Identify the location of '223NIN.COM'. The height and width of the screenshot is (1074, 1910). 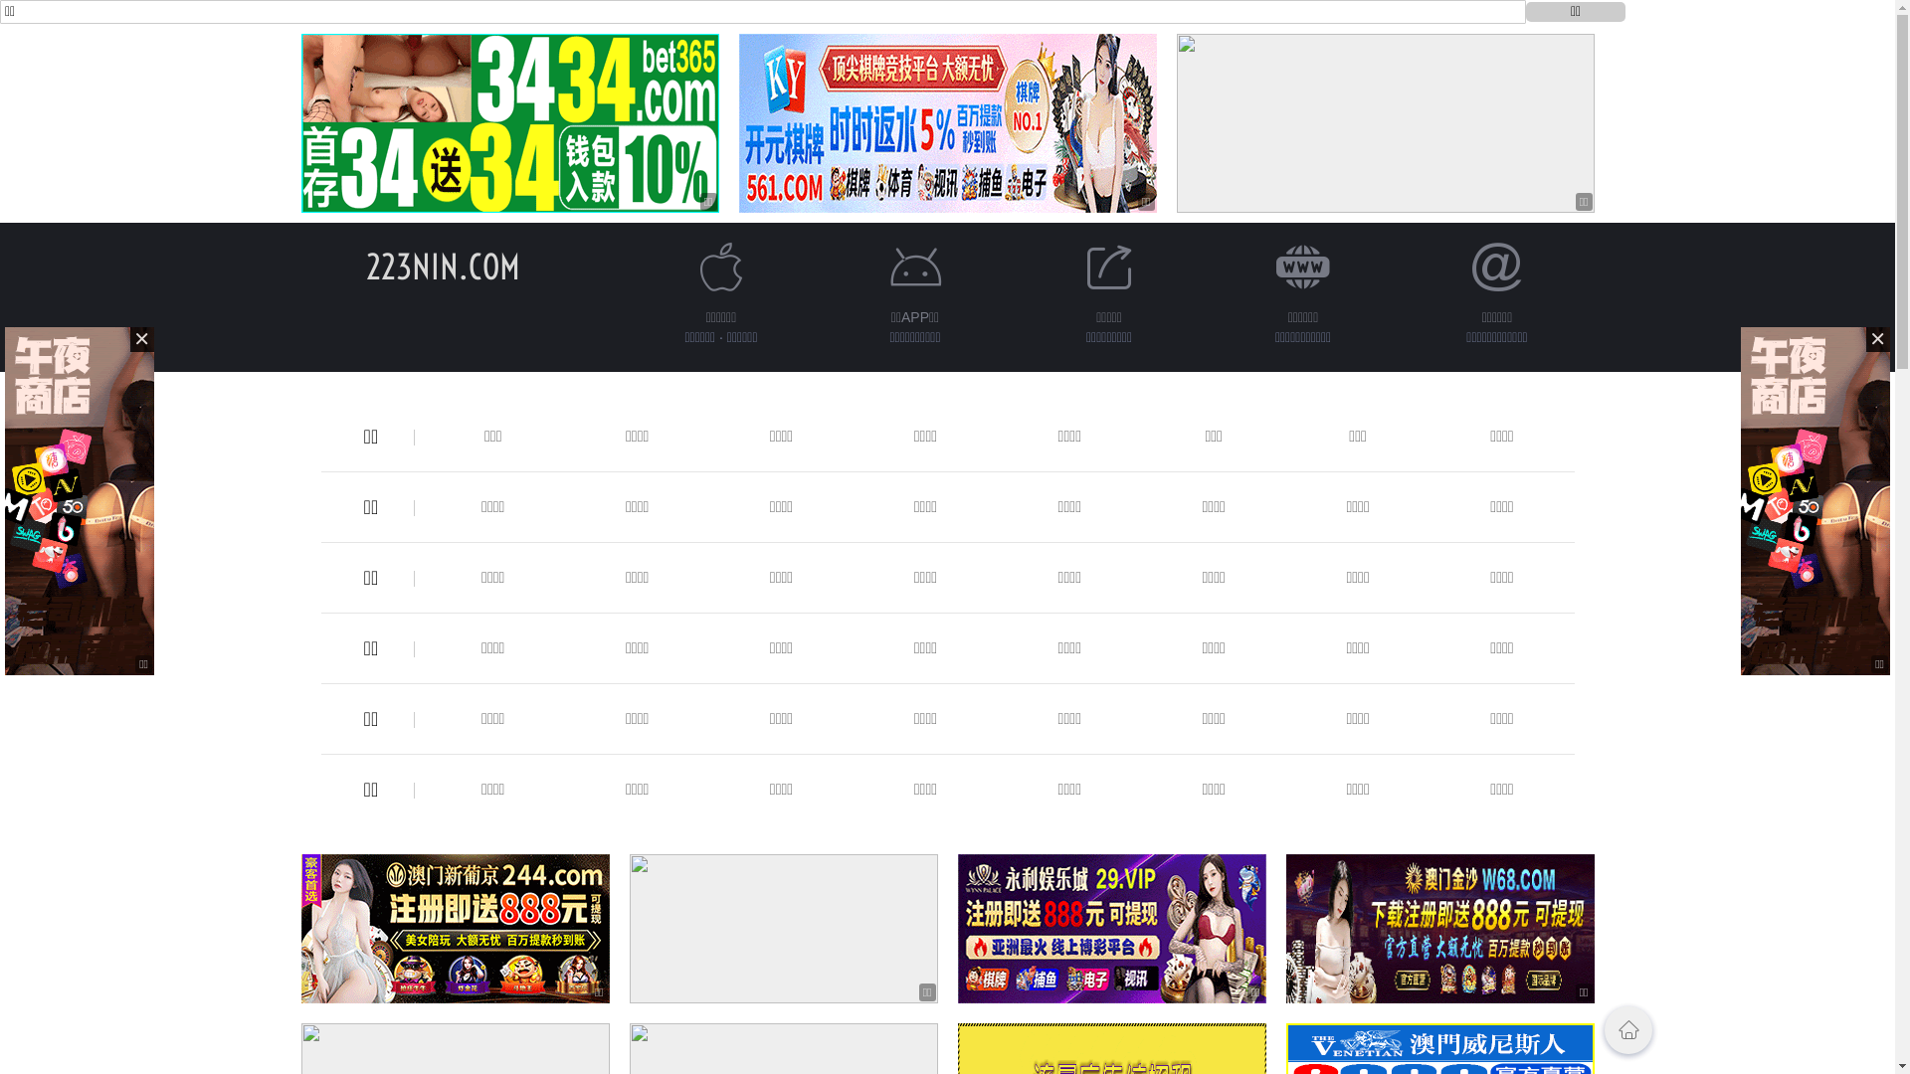
(442, 266).